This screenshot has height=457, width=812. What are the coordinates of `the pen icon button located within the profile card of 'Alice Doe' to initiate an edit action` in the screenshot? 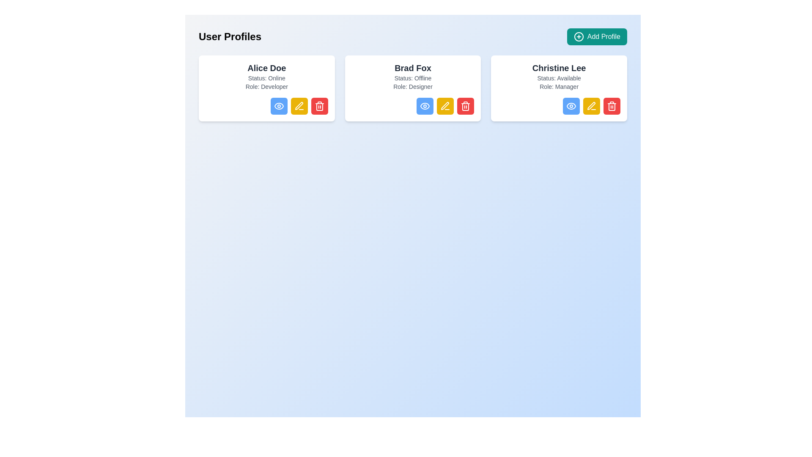 It's located at (299, 105).